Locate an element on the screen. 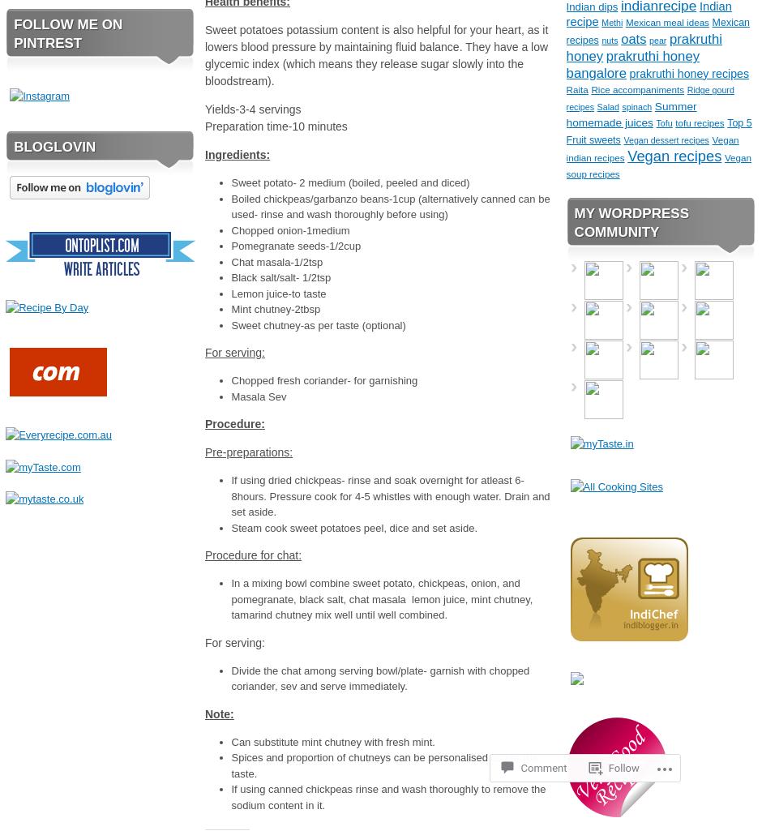 This screenshot has height=831, width=762. 'pear' is located at coordinates (649, 38).